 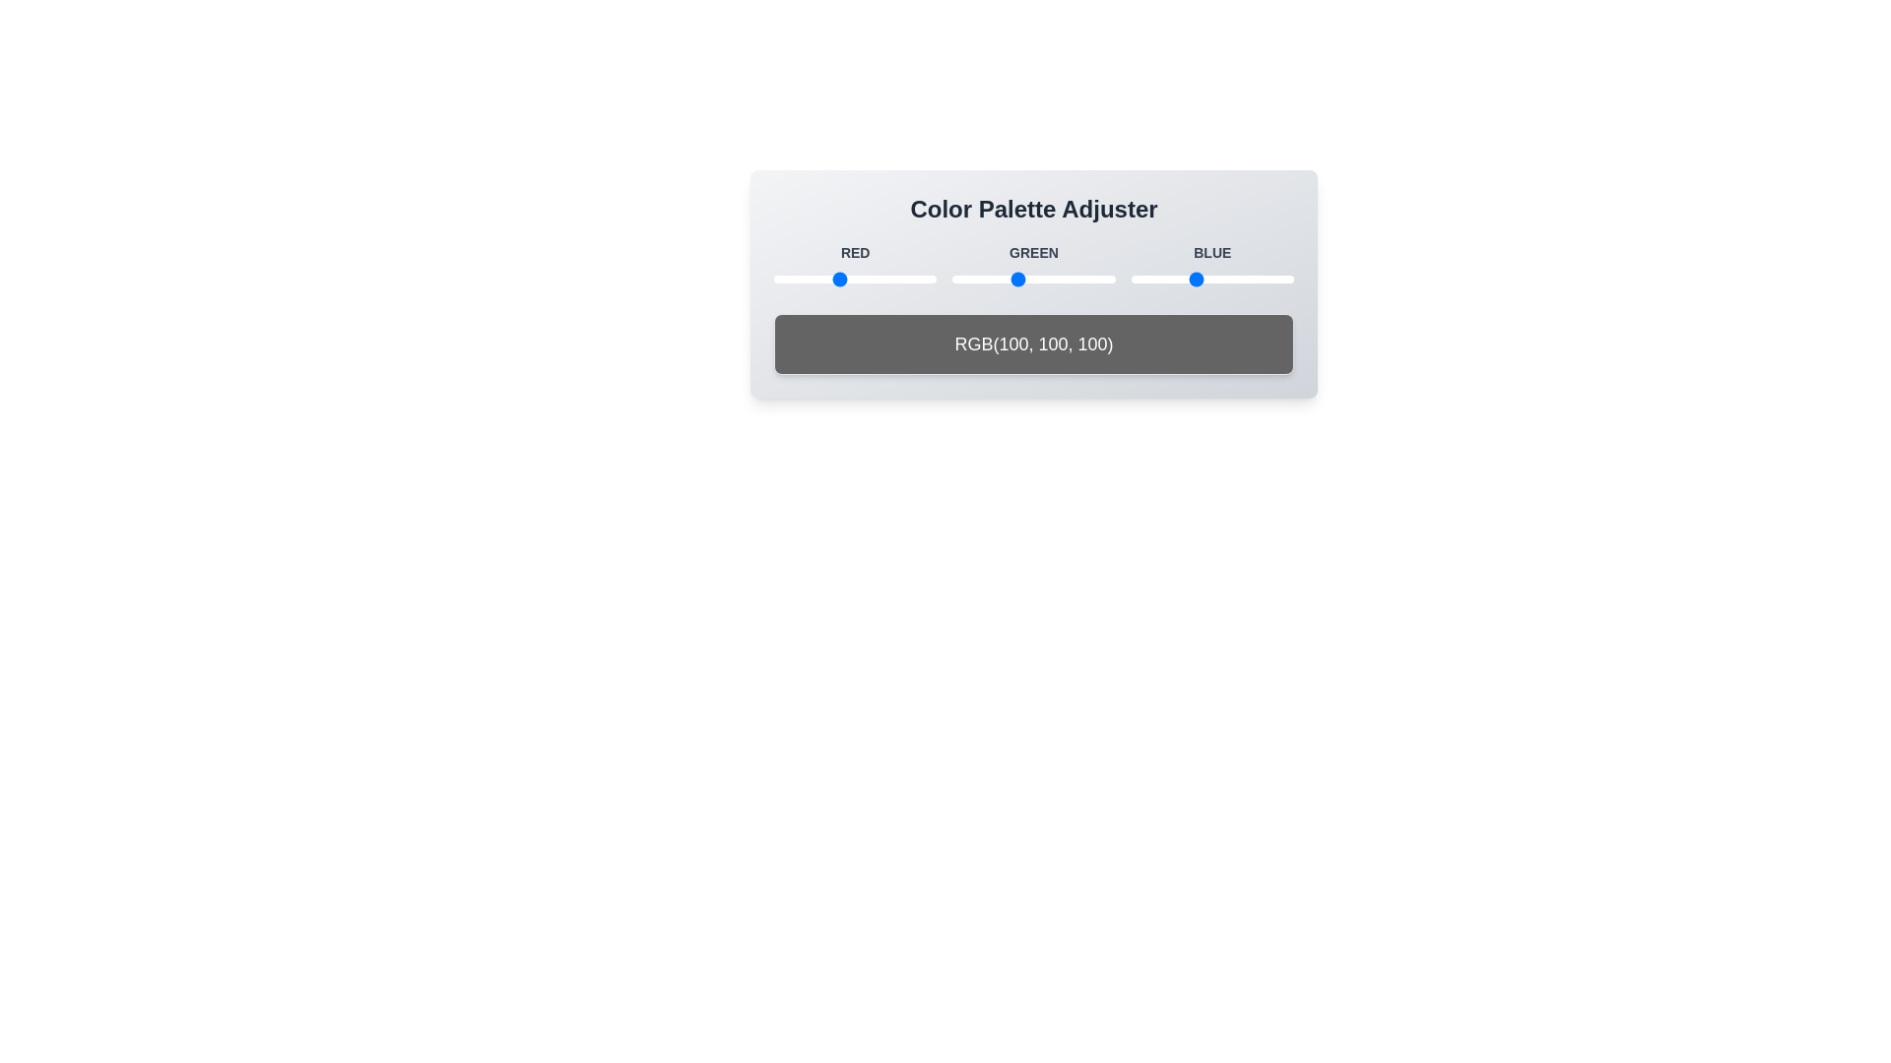 I want to click on the red color slider to 173, so click(x=882, y=280).